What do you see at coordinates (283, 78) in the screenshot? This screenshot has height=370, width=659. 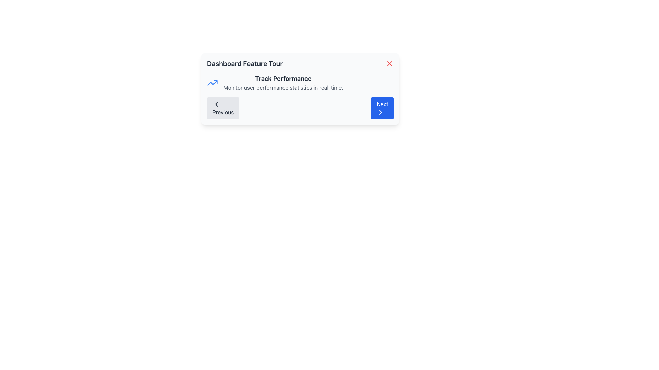 I see `the text label that serves as the header or title within the card-like section, positioned above the text 'Monitor user performance statistics in real-time.'` at bounding box center [283, 78].